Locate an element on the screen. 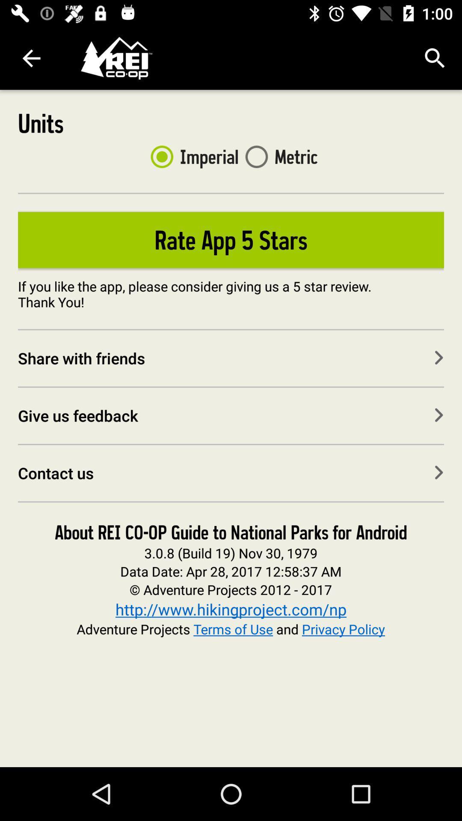 The width and height of the screenshot is (462, 821). item below the adventure projects 2012 icon is located at coordinates (231, 609).